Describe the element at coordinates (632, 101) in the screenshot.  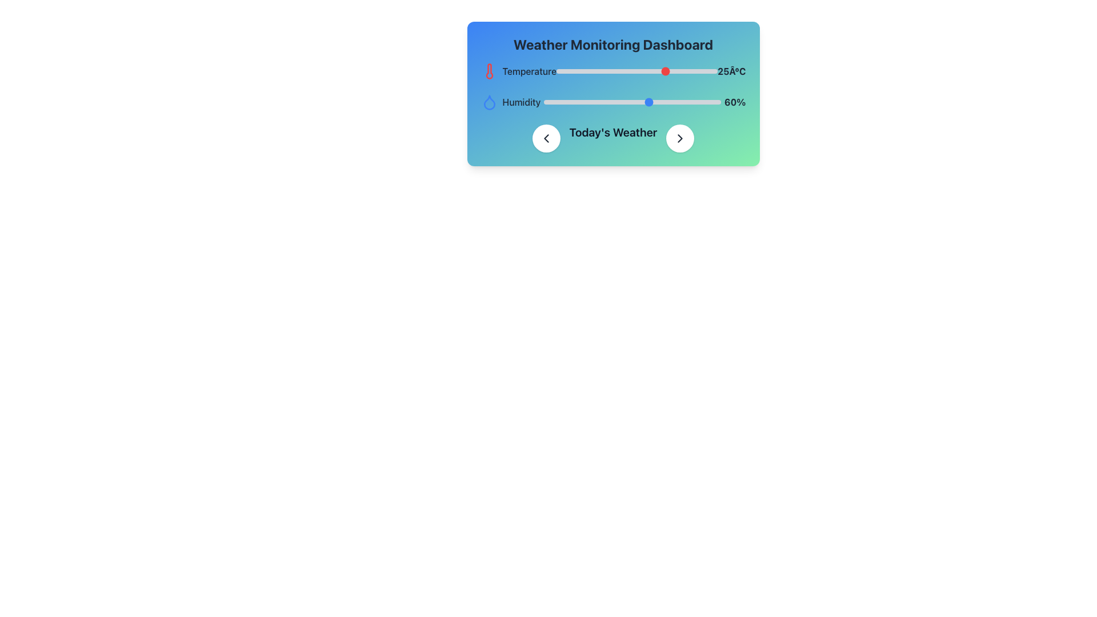
I see `the blue handle of the humidity range slider input located between the 'Humidity' label and the '60%' percentage indicator` at that location.